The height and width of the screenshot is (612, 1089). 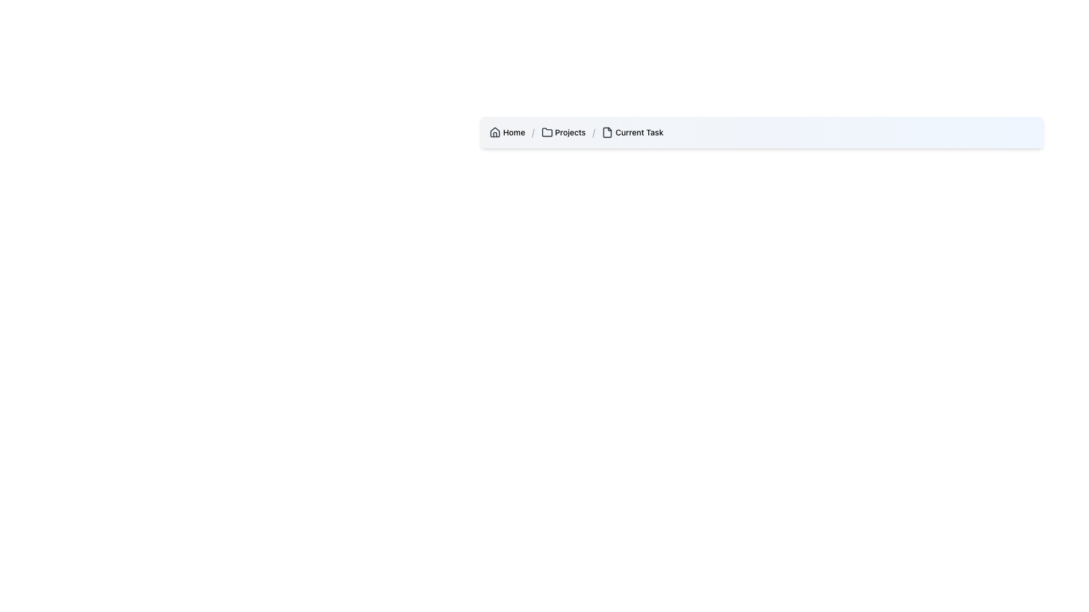 I want to click on individual items in the Breadcrumb Navigation Bar located at the upper central region of the interface for navigation, so click(x=762, y=132).